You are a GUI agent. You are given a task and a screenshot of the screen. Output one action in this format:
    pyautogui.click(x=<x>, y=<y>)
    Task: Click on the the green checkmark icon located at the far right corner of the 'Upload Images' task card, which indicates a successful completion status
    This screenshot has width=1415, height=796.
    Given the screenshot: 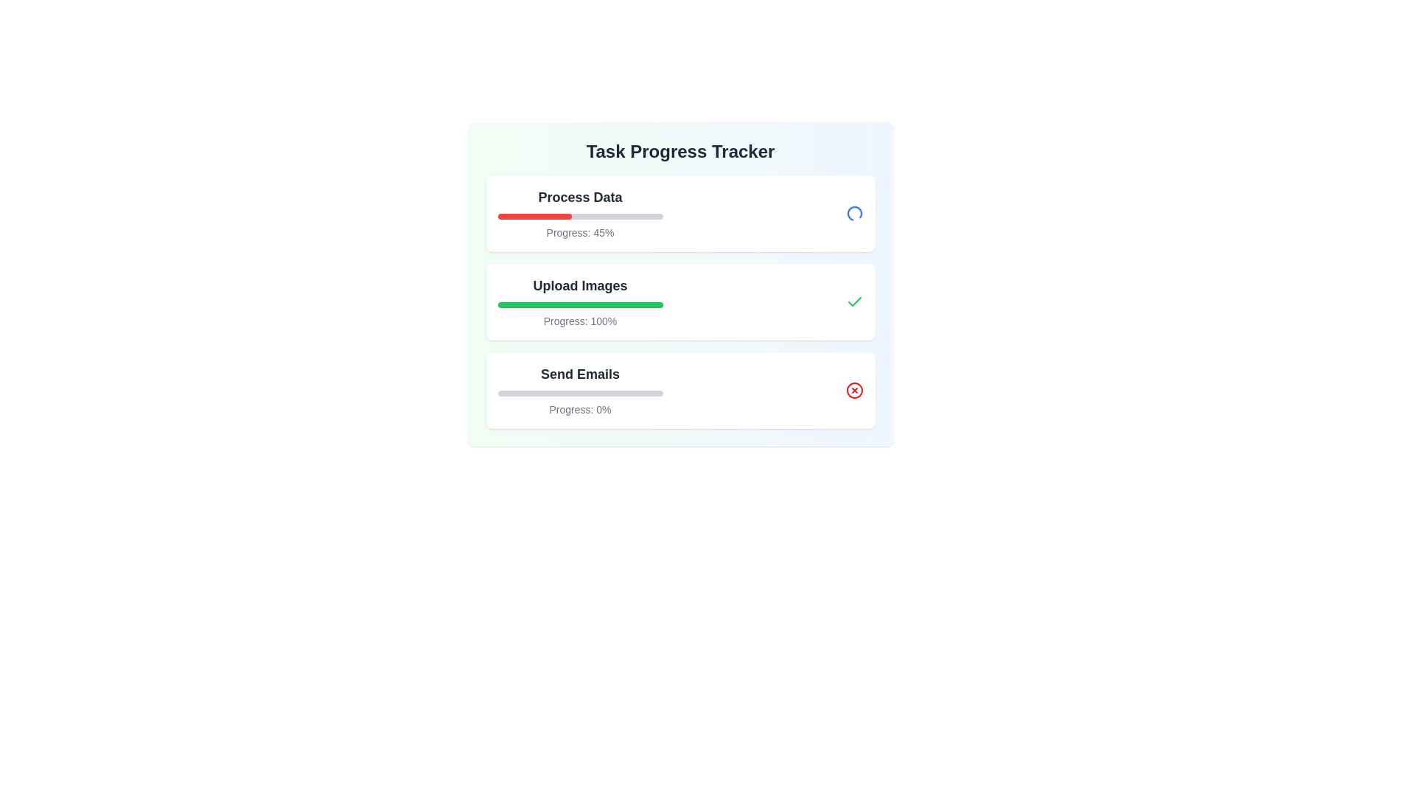 What is the action you would take?
    pyautogui.click(x=854, y=301)
    